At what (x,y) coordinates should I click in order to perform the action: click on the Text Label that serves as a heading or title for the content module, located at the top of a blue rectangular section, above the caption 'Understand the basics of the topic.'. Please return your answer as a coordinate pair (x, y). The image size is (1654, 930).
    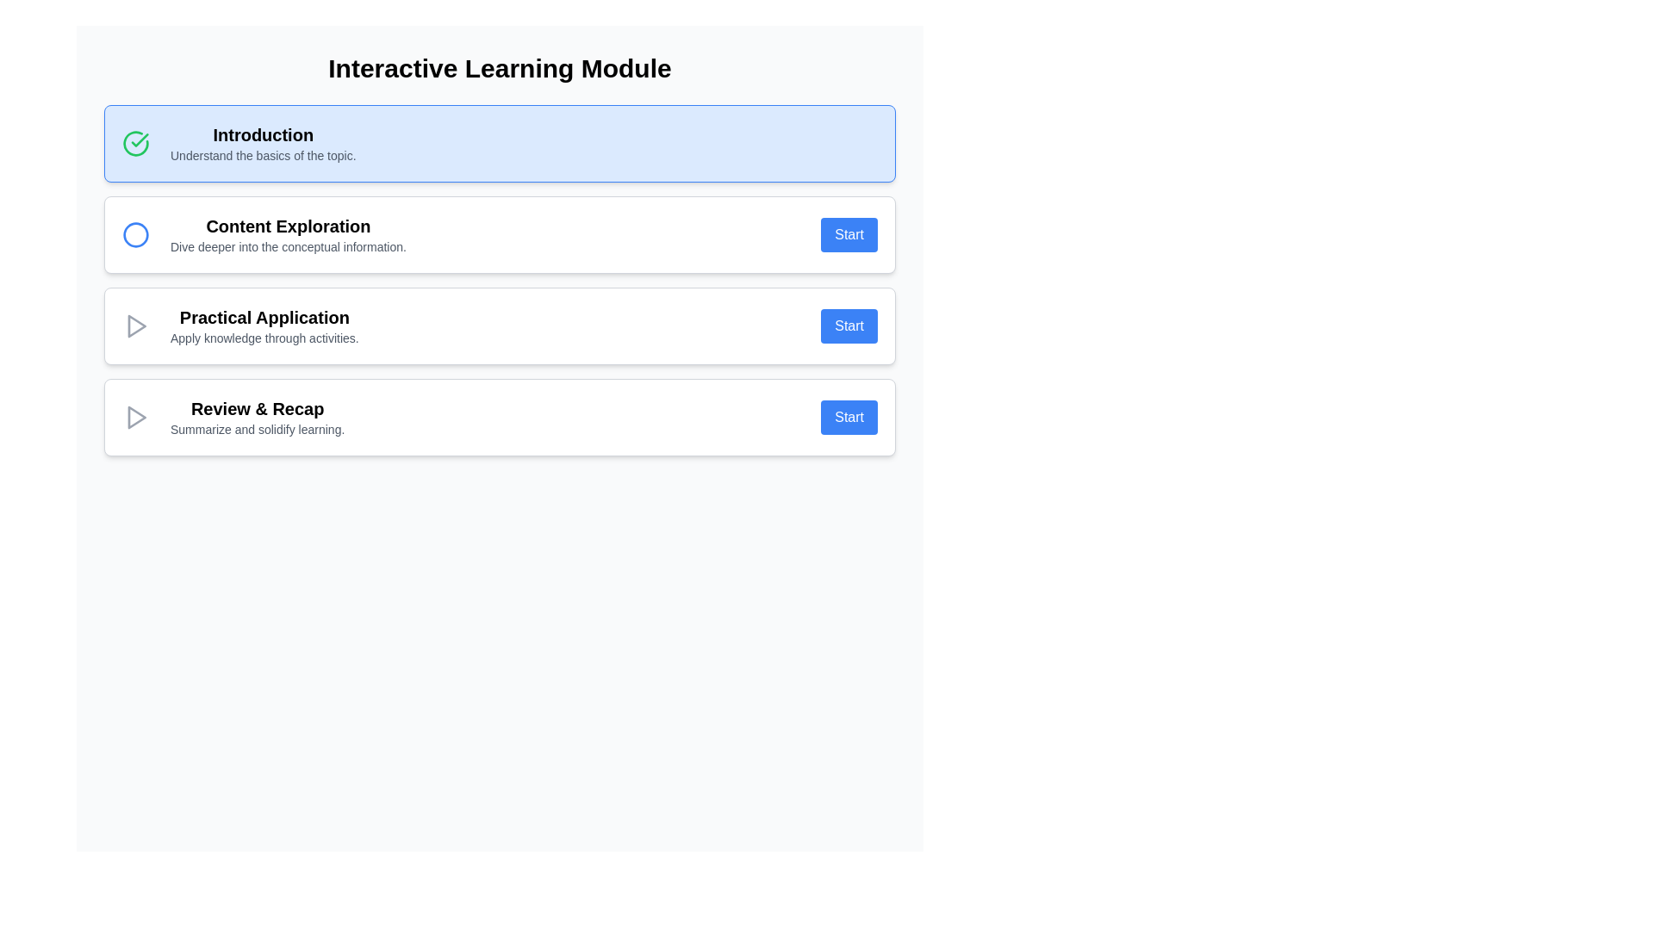
    Looking at the image, I should click on (262, 134).